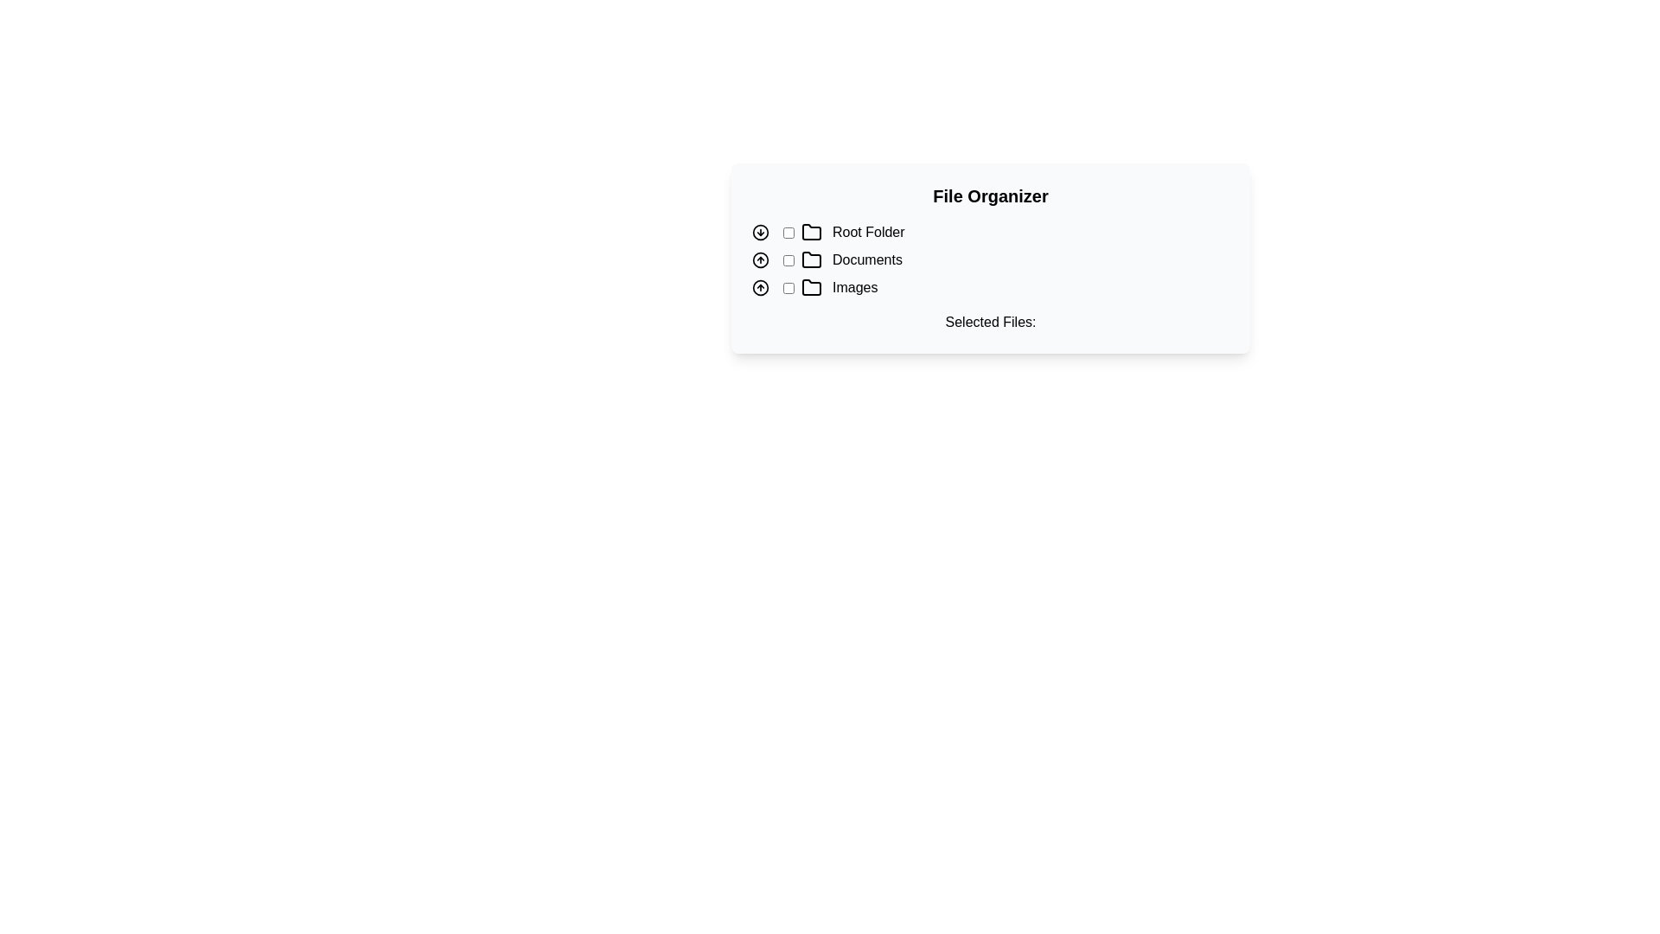 The height and width of the screenshot is (934, 1660). I want to click on the circular icon with a downward arrow inside, located, so click(760, 232).